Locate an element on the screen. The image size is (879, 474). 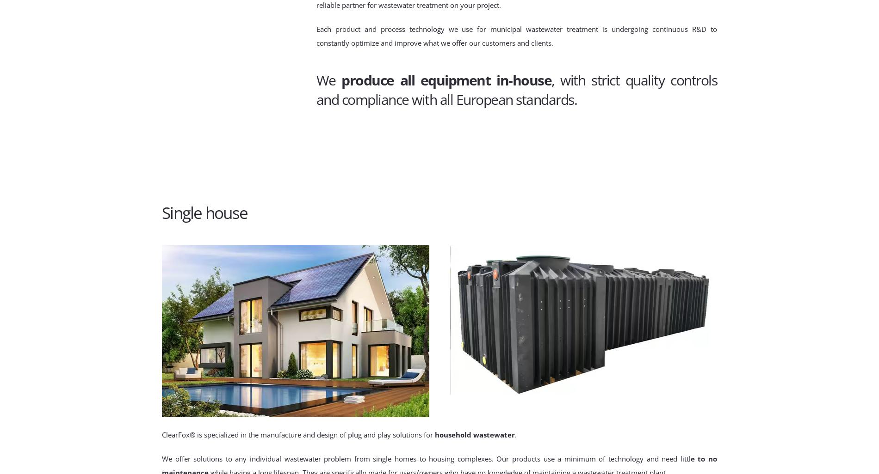
'.' is located at coordinates (515, 434).